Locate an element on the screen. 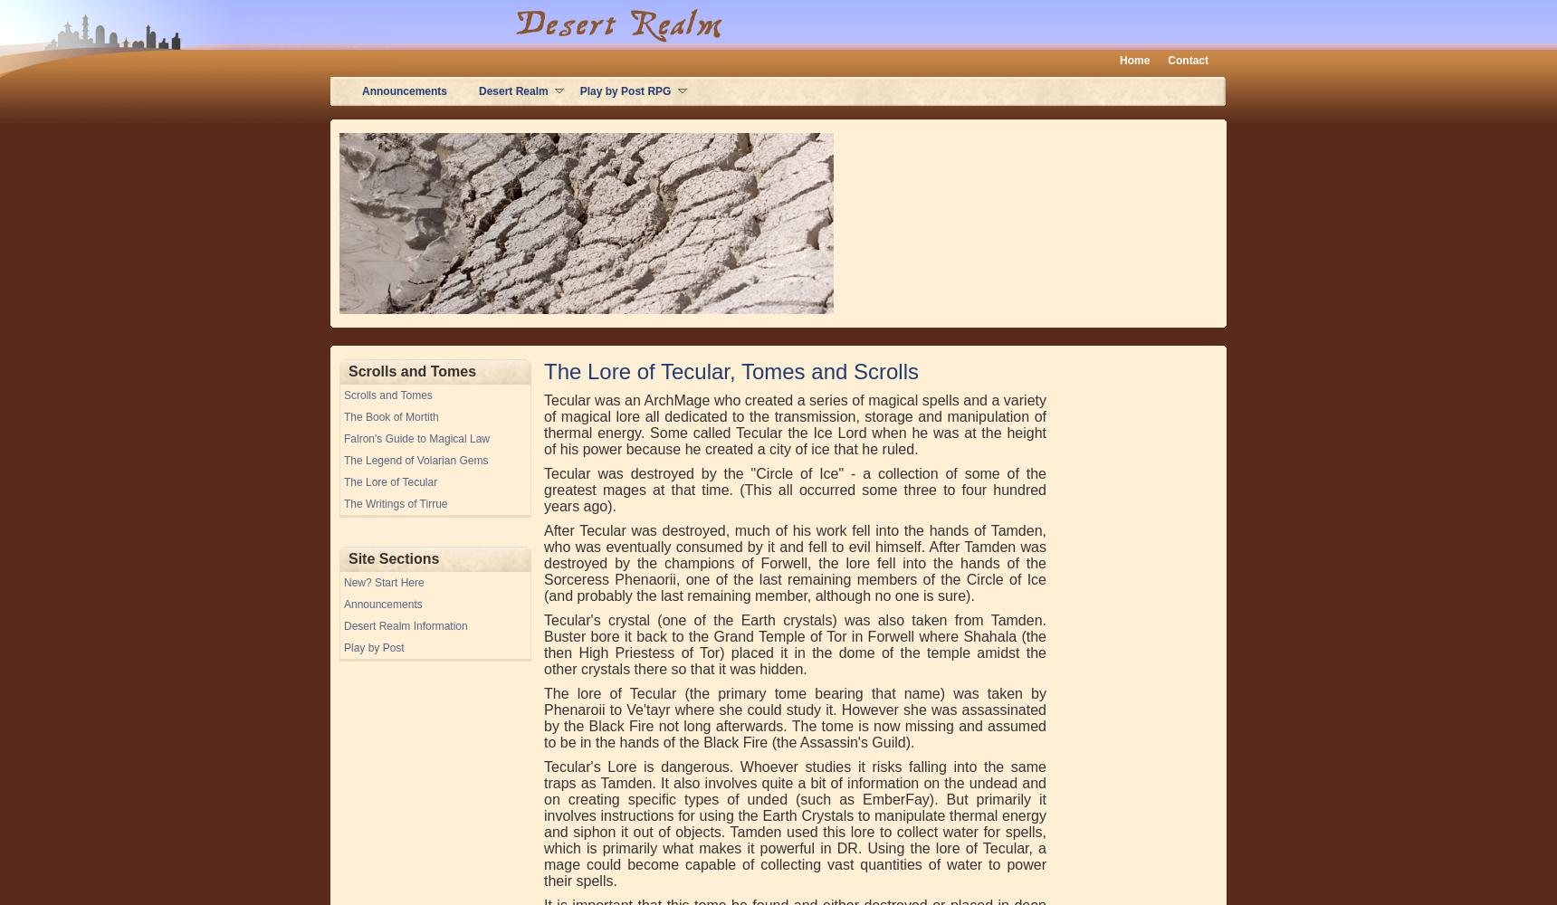 This screenshot has height=905, width=1557. 'About Role Playing by Post' is located at coordinates (422, 89).